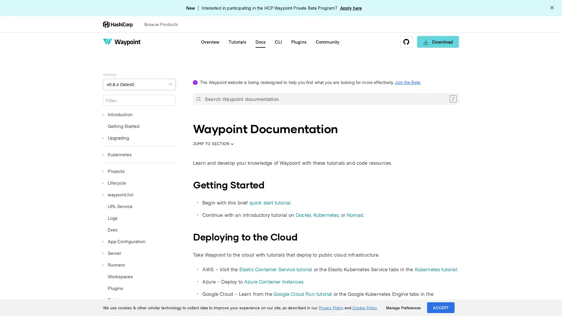  Describe the element at coordinates (453, 99) in the screenshot. I see `Clear the search query.` at that location.